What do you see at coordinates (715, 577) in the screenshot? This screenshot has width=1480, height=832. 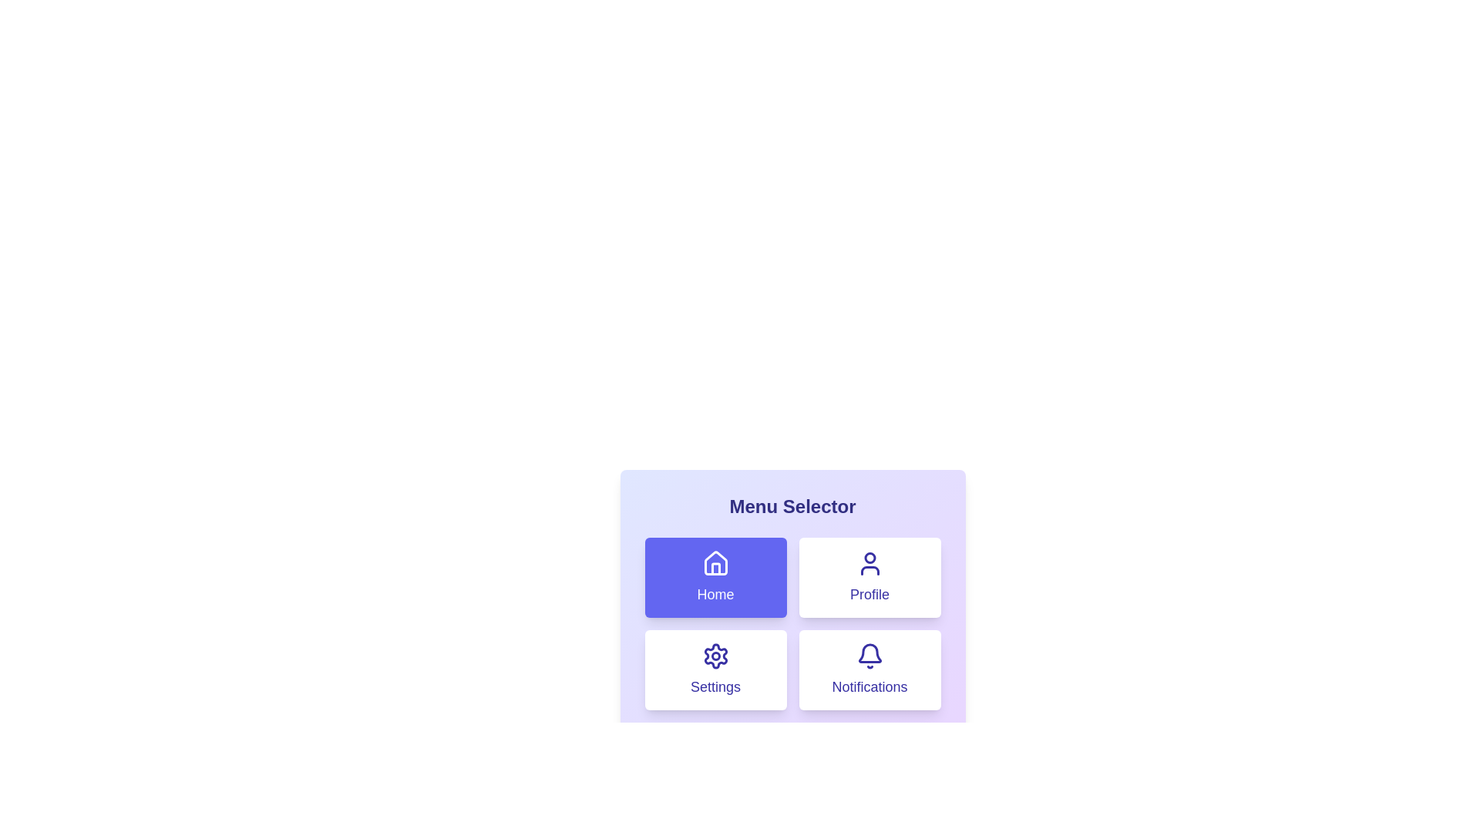 I see `the menu option Home` at bounding box center [715, 577].